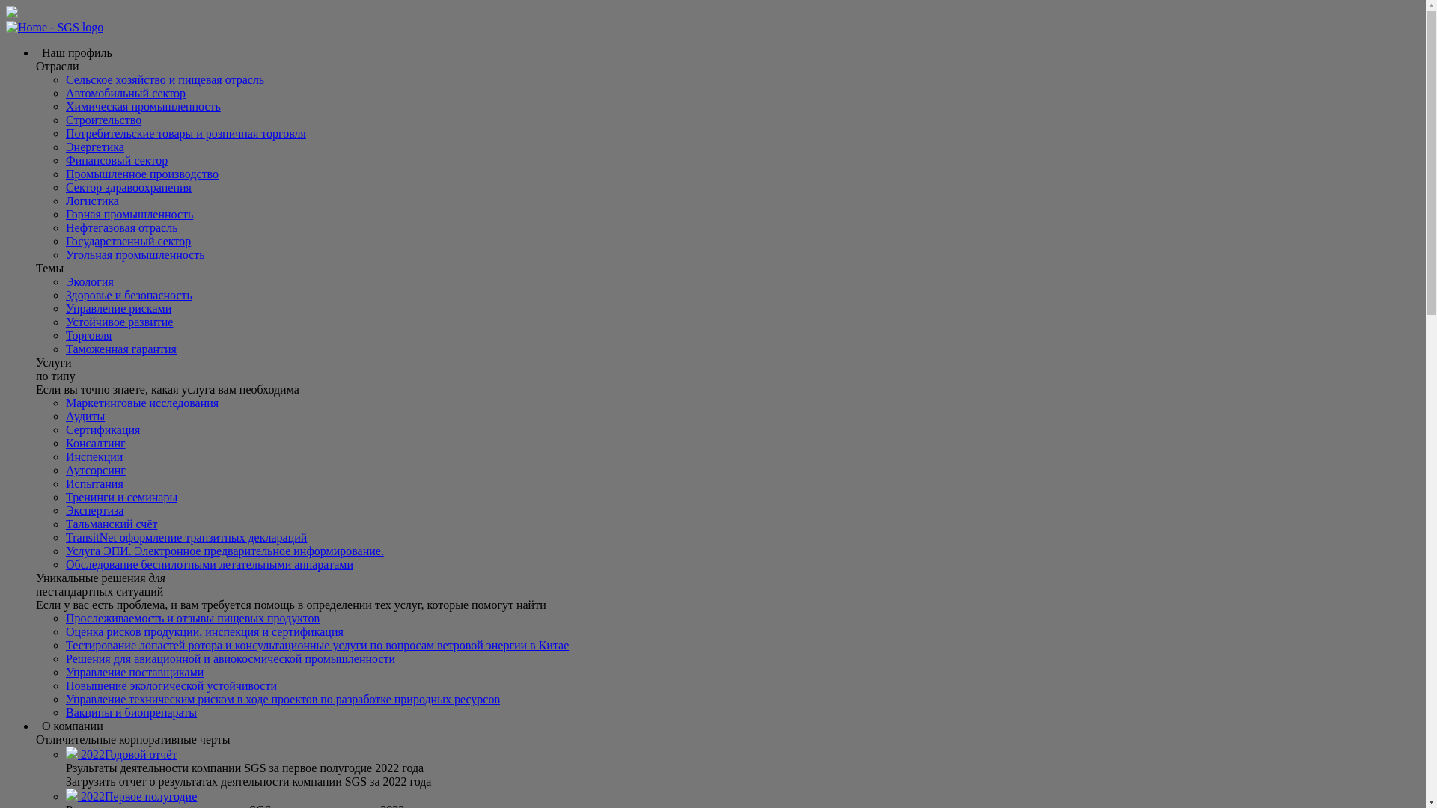 Image resolution: width=1437 pixels, height=808 pixels. Describe the element at coordinates (6, 27) in the screenshot. I see `'Home - SGS logo'` at that location.